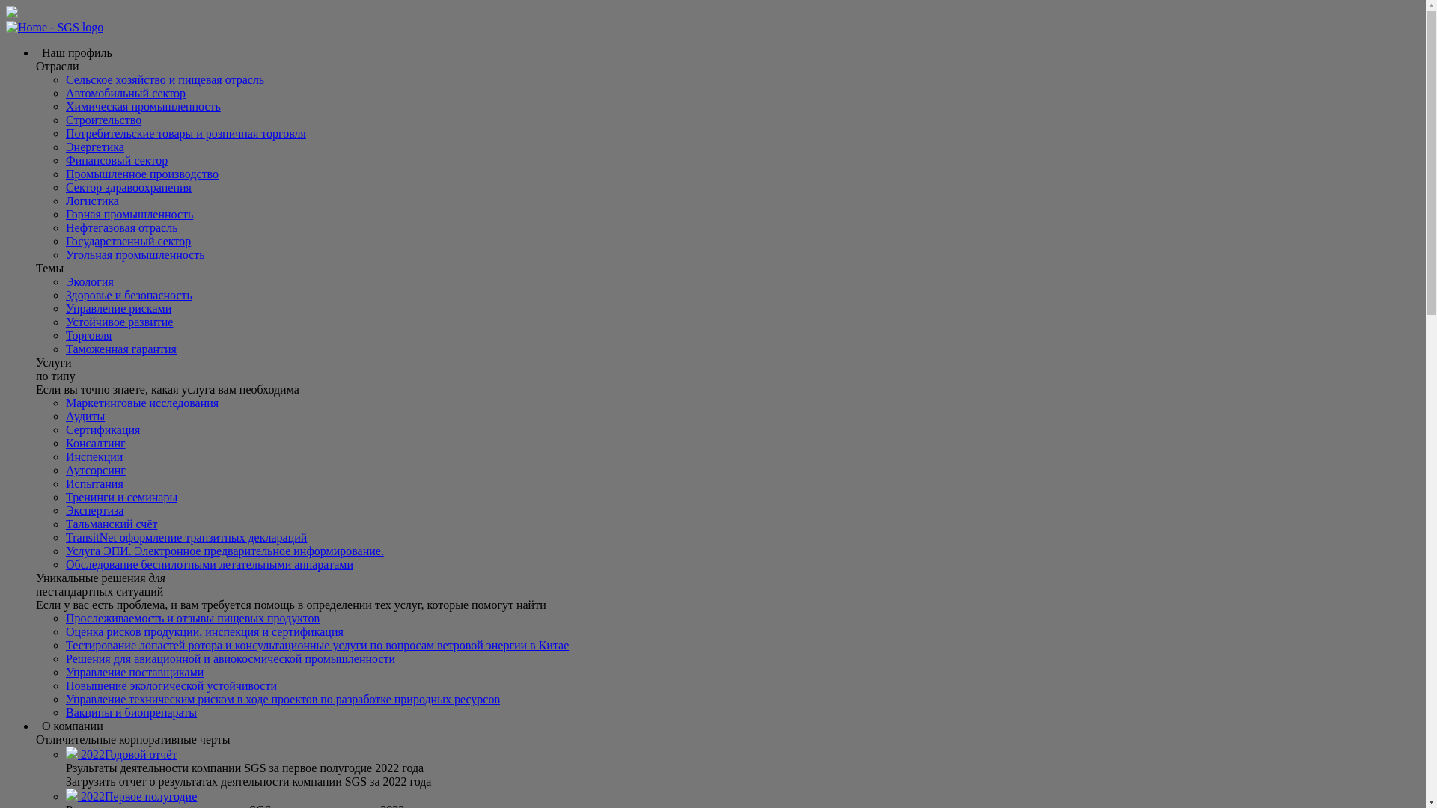 Image resolution: width=1437 pixels, height=808 pixels. Describe the element at coordinates (6, 27) in the screenshot. I see `'Home - SGS logo'` at that location.